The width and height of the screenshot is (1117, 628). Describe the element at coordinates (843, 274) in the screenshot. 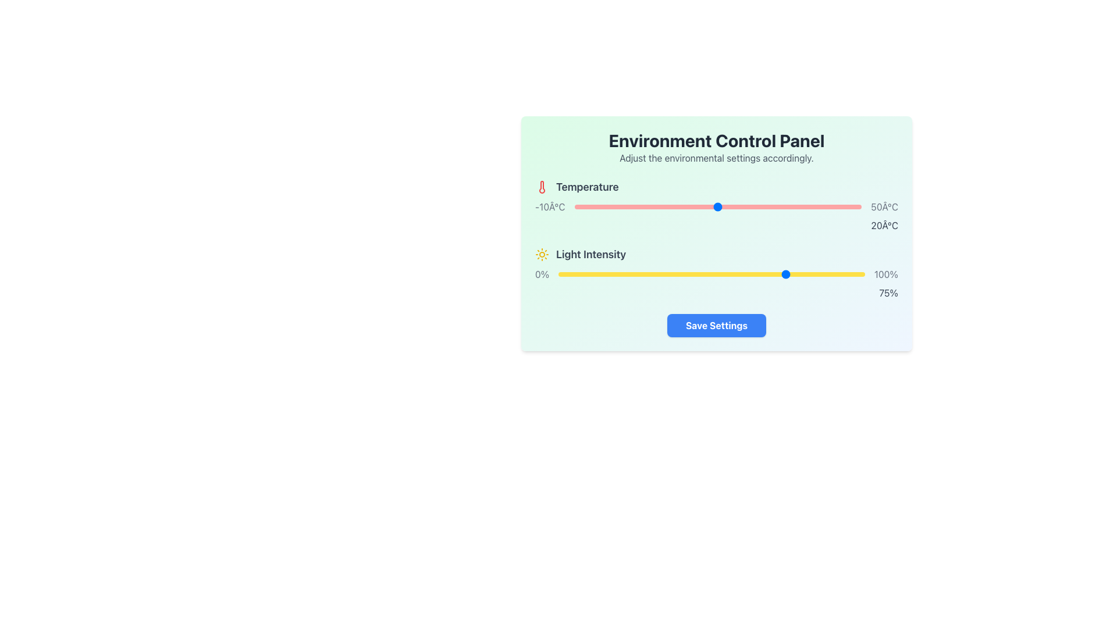

I see `light intensity` at that location.